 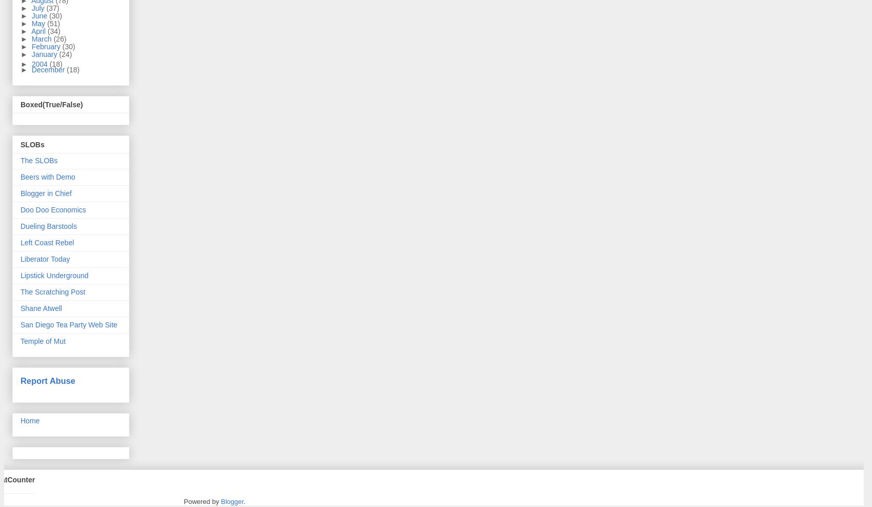 I want to click on 'SLOBs', so click(x=32, y=143).